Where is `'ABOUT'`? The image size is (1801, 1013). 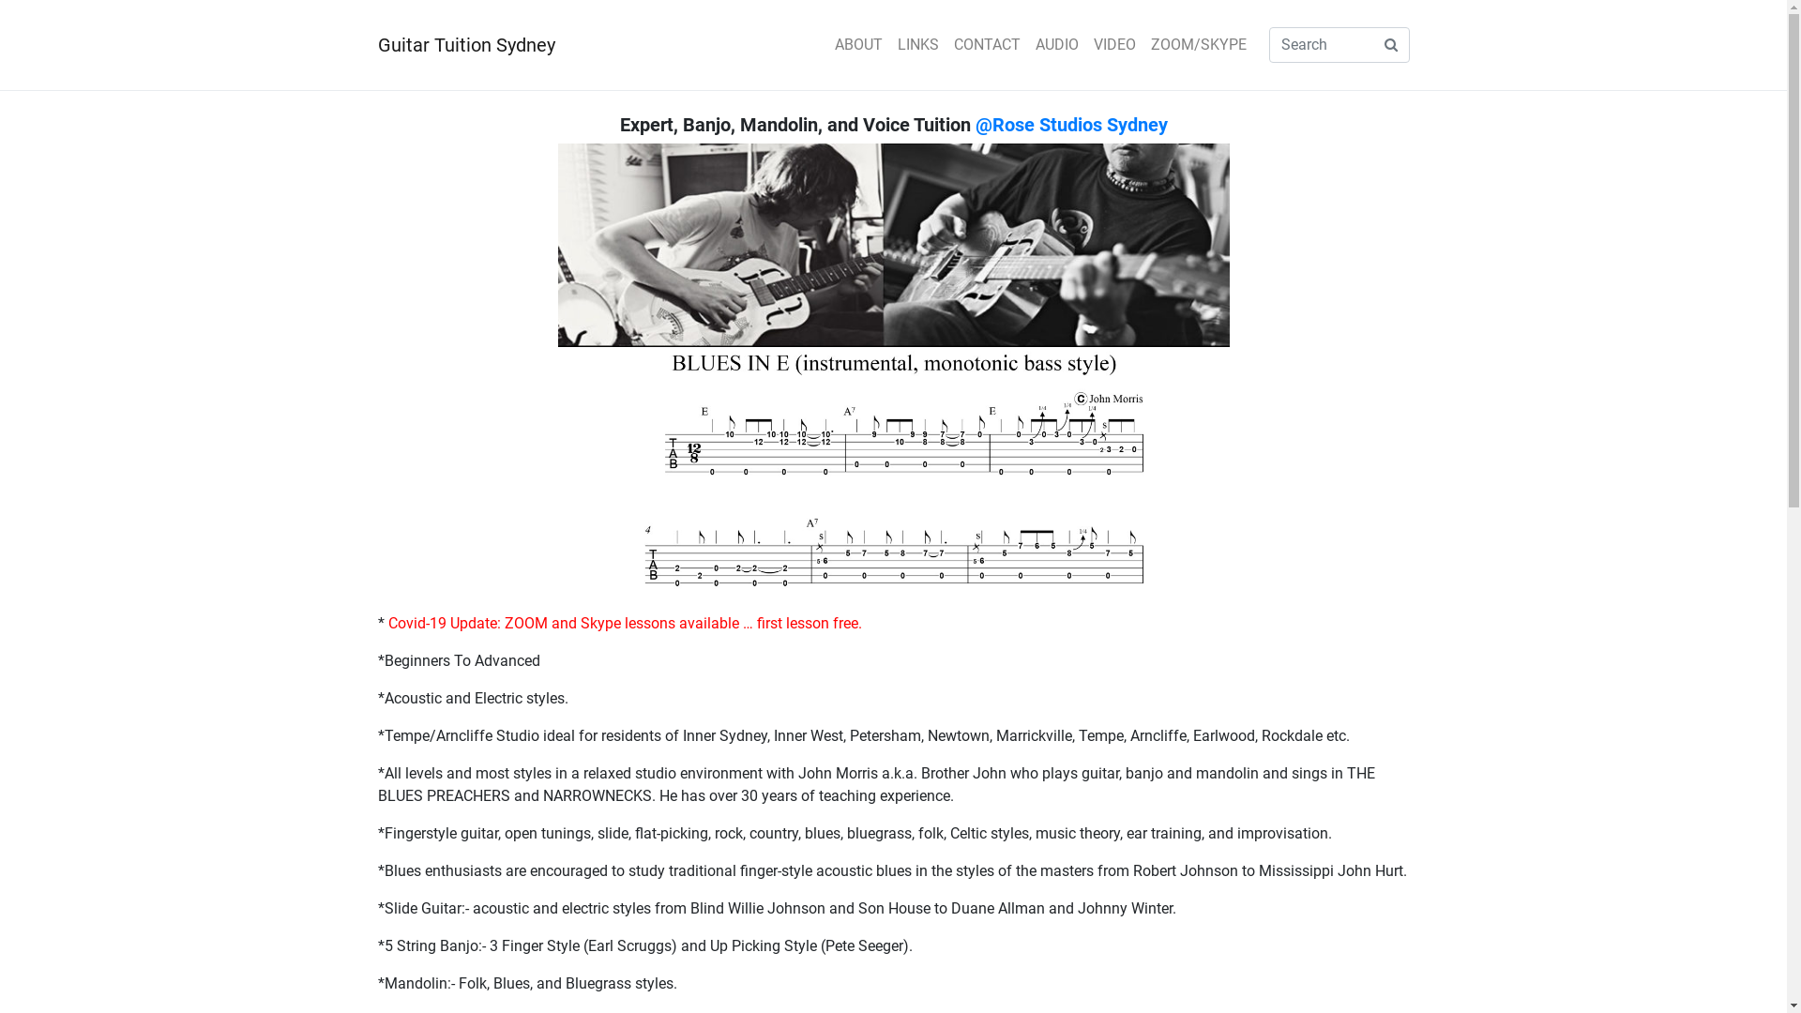 'ABOUT' is located at coordinates (857, 43).